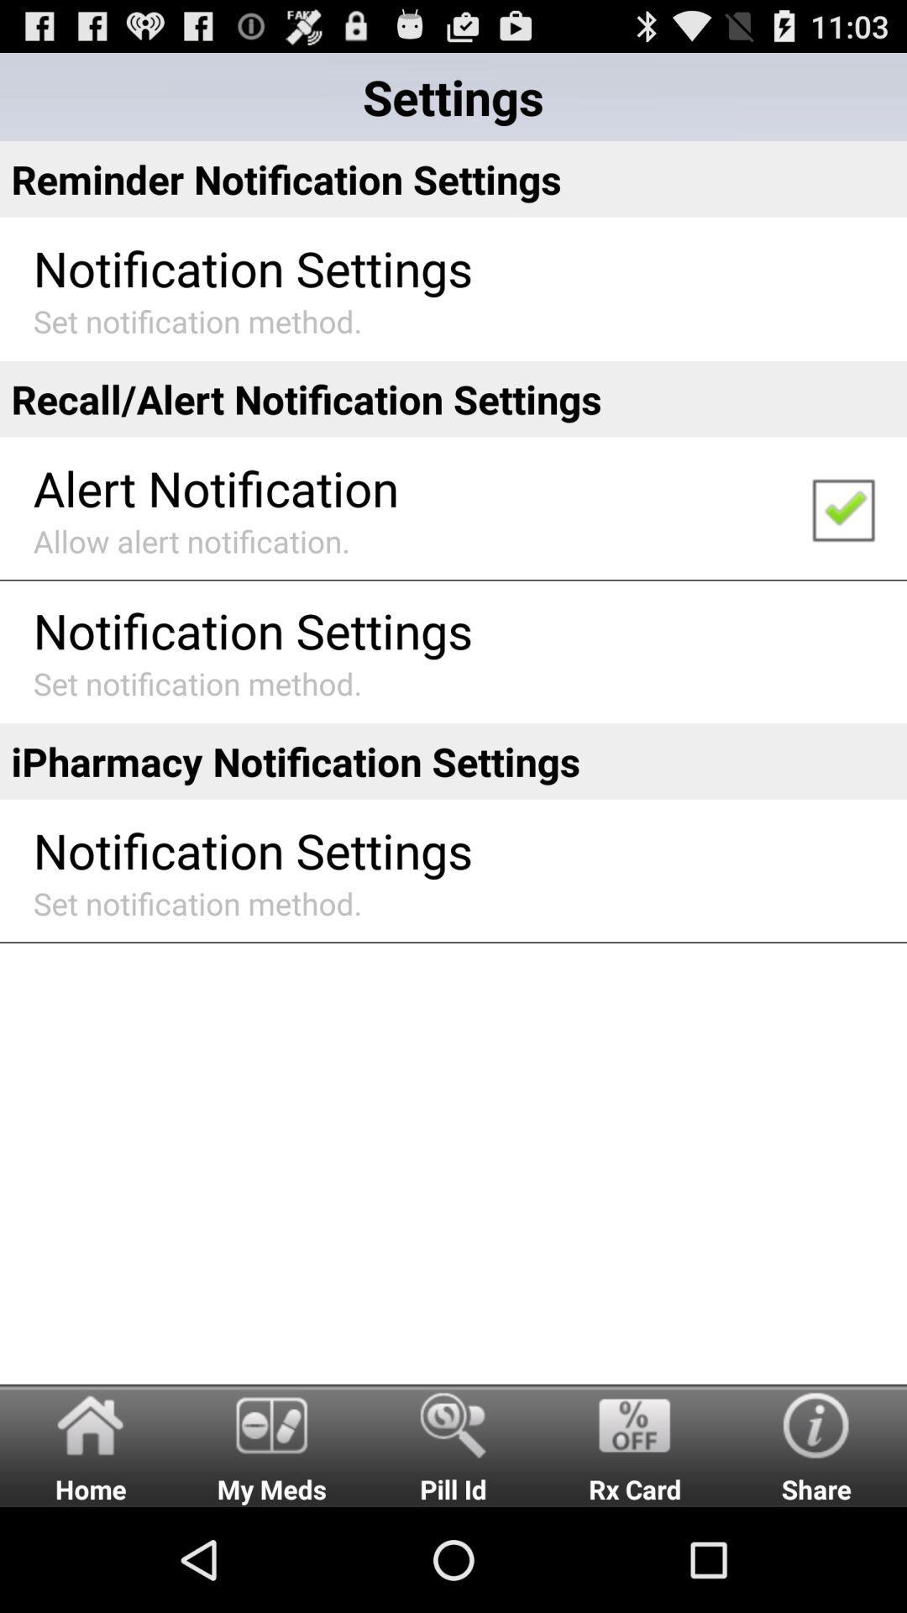 This screenshot has height=1613, width=907. I want to click on the icon to the right of the home item, so click(271, 1444).